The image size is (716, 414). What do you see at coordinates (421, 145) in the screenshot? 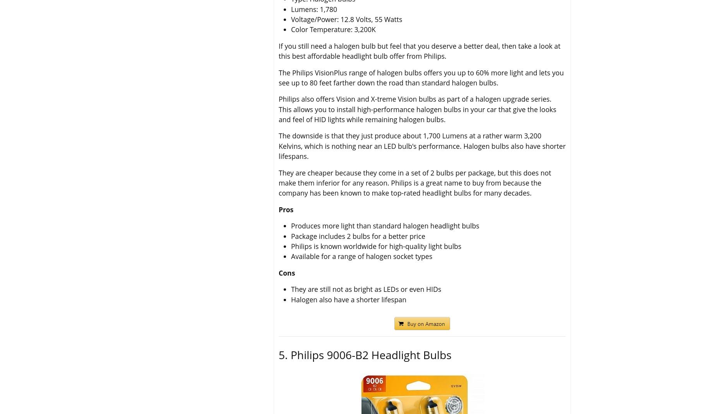
I see `'The downside is that they just produce about 1,700 Lumens at a rather warm 3,200 Kelvins, which is nothing near an LED bulb's performance. Halogen bulbs also have shorter lifespans.'` at bounding box center [421, 145].